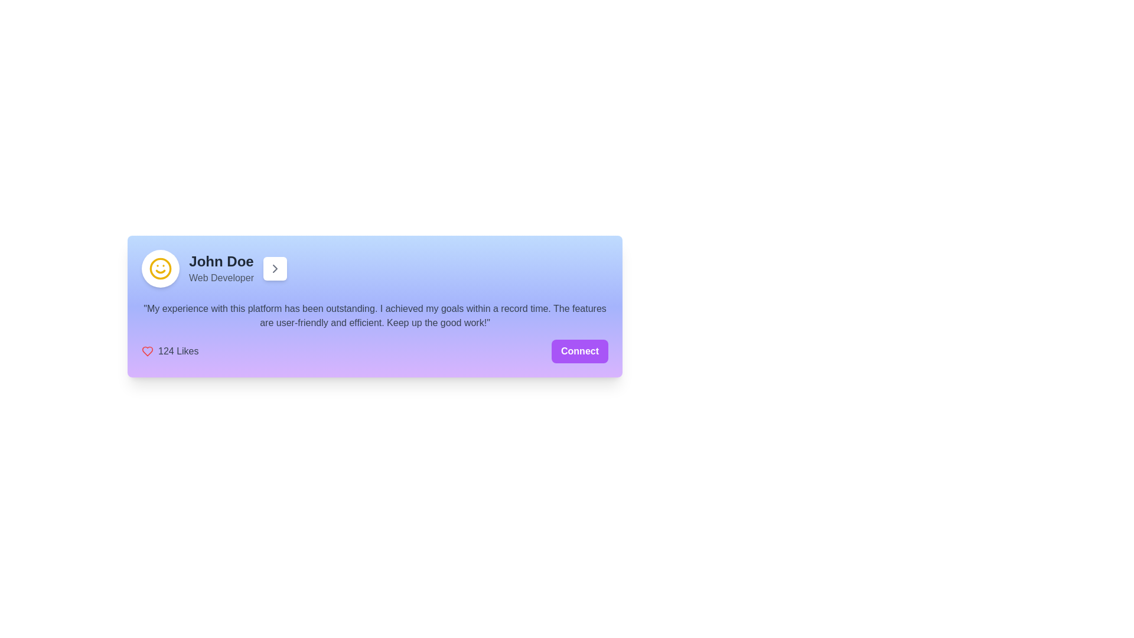  What do you see at coordinates (160, 269) in the screenshot?
I see `the smiley icon element, which is a circular outline with a yellow color located at the center of the profile picture icon in the card component` at bounding box center [160, 269].